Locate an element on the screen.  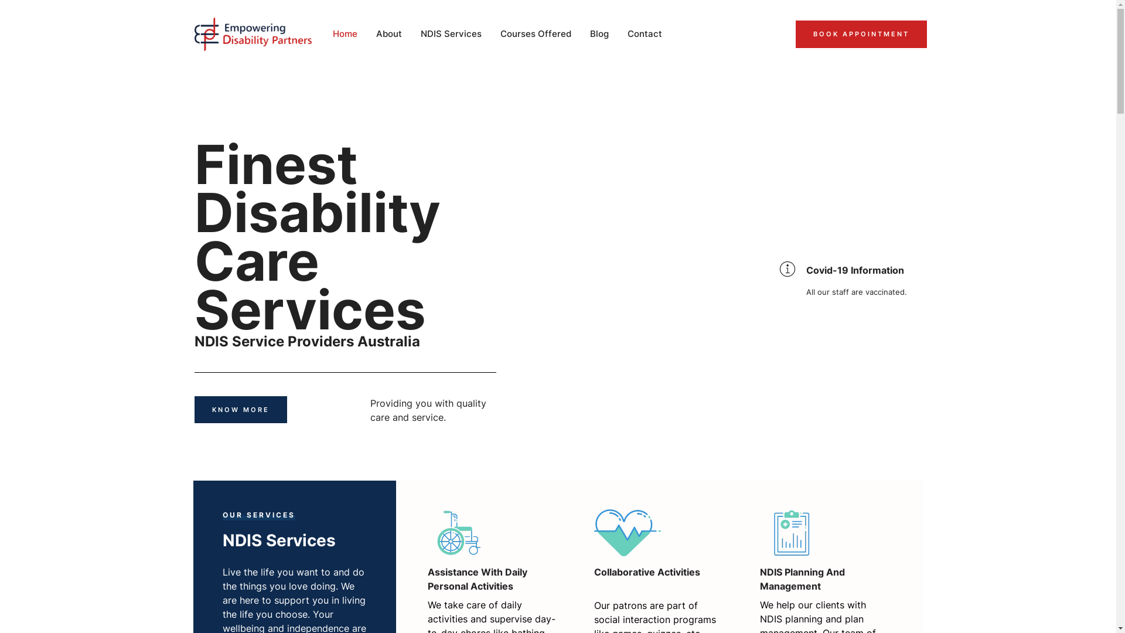
'Courses Offered' is located at coordinates (493, 33).